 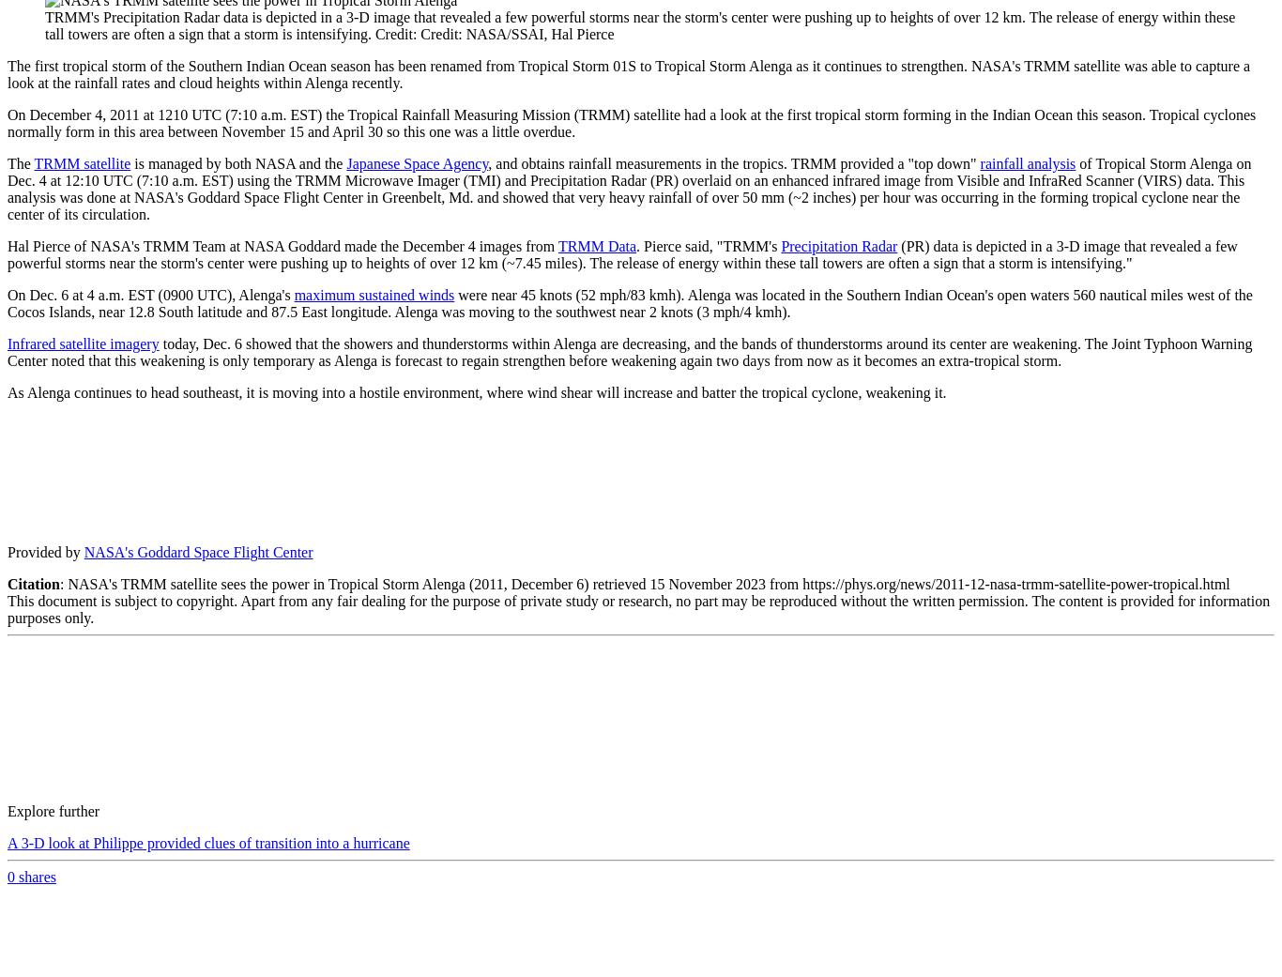 What do you see at coordinates (53, 810) in the screenshot?
I see `'Explore further'` at bounding box center [53, 810].